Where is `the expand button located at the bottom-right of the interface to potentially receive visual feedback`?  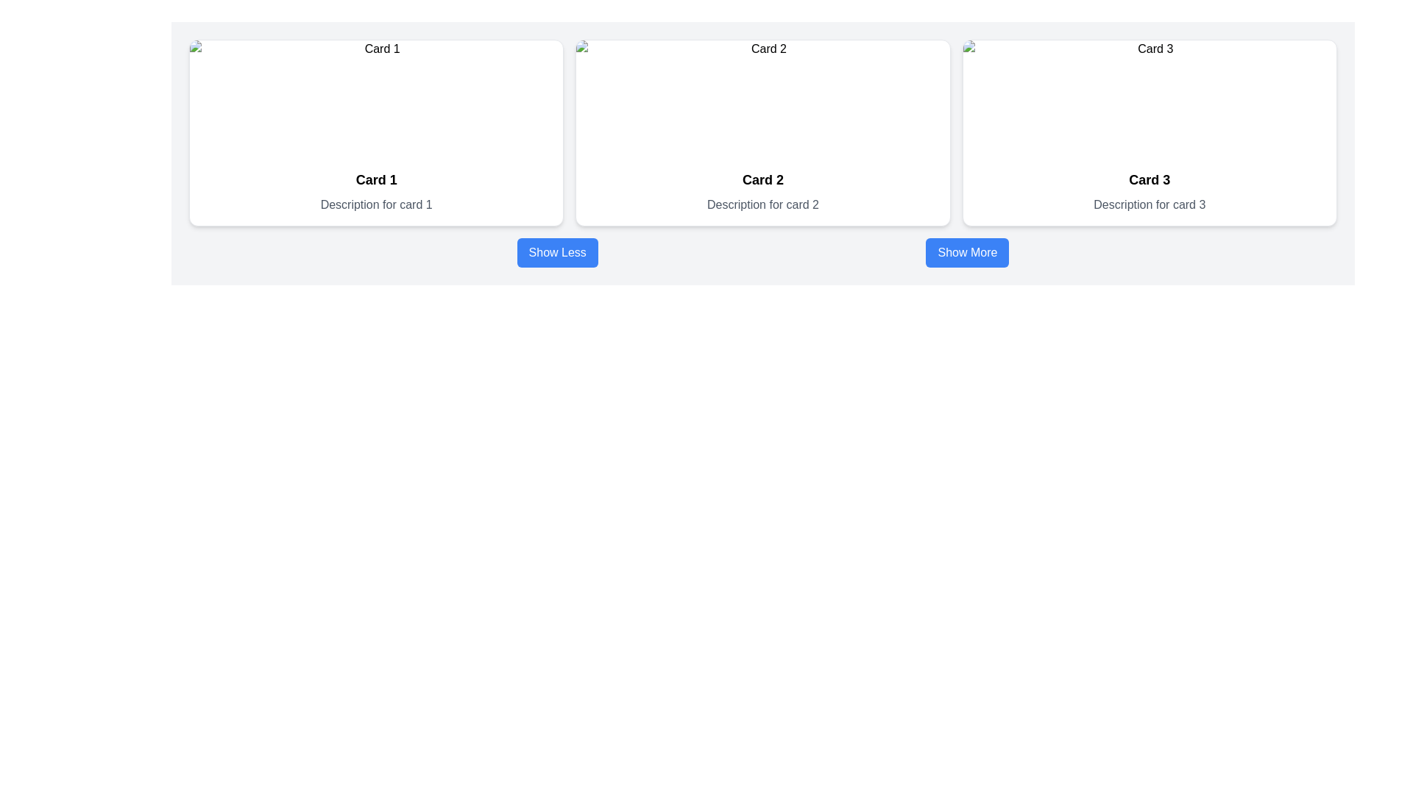
the expand button located at the bottom-right of the interface to potentially receive visual feedback is located at coordinates (967, 251).